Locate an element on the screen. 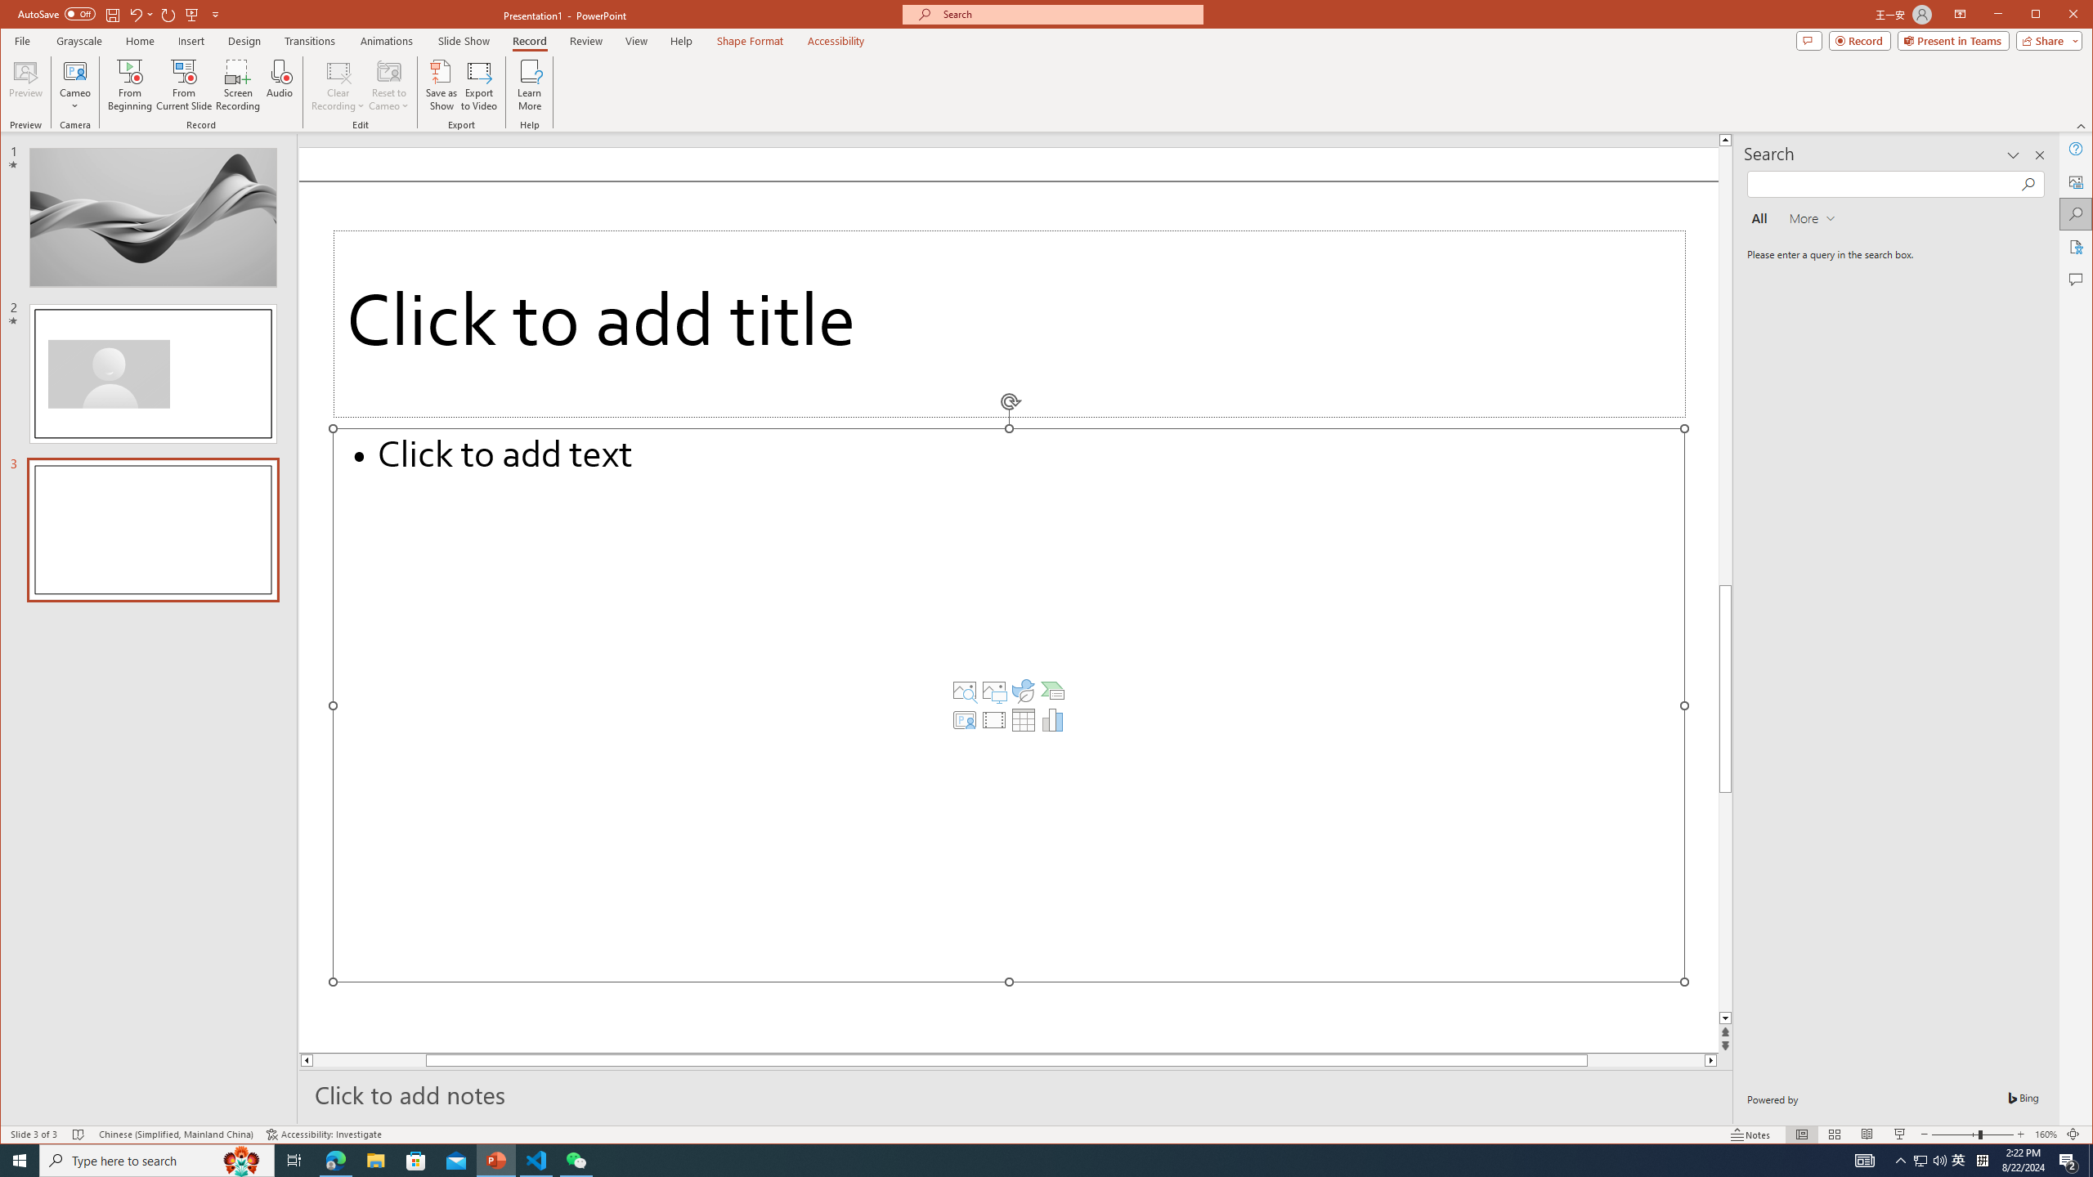  'File Explorer' is located at coordinates (374, 1159).